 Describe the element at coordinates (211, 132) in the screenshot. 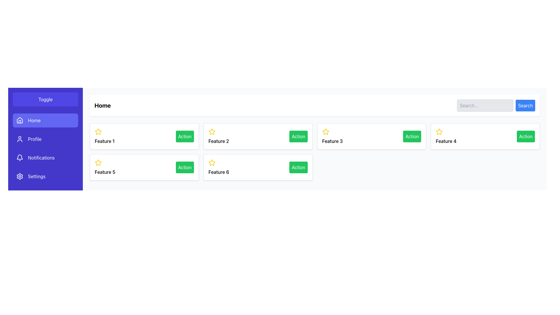

I see `the star icon with a yellow border located next to the text 'Feature 2' in the top row, second box from the left` at that location.